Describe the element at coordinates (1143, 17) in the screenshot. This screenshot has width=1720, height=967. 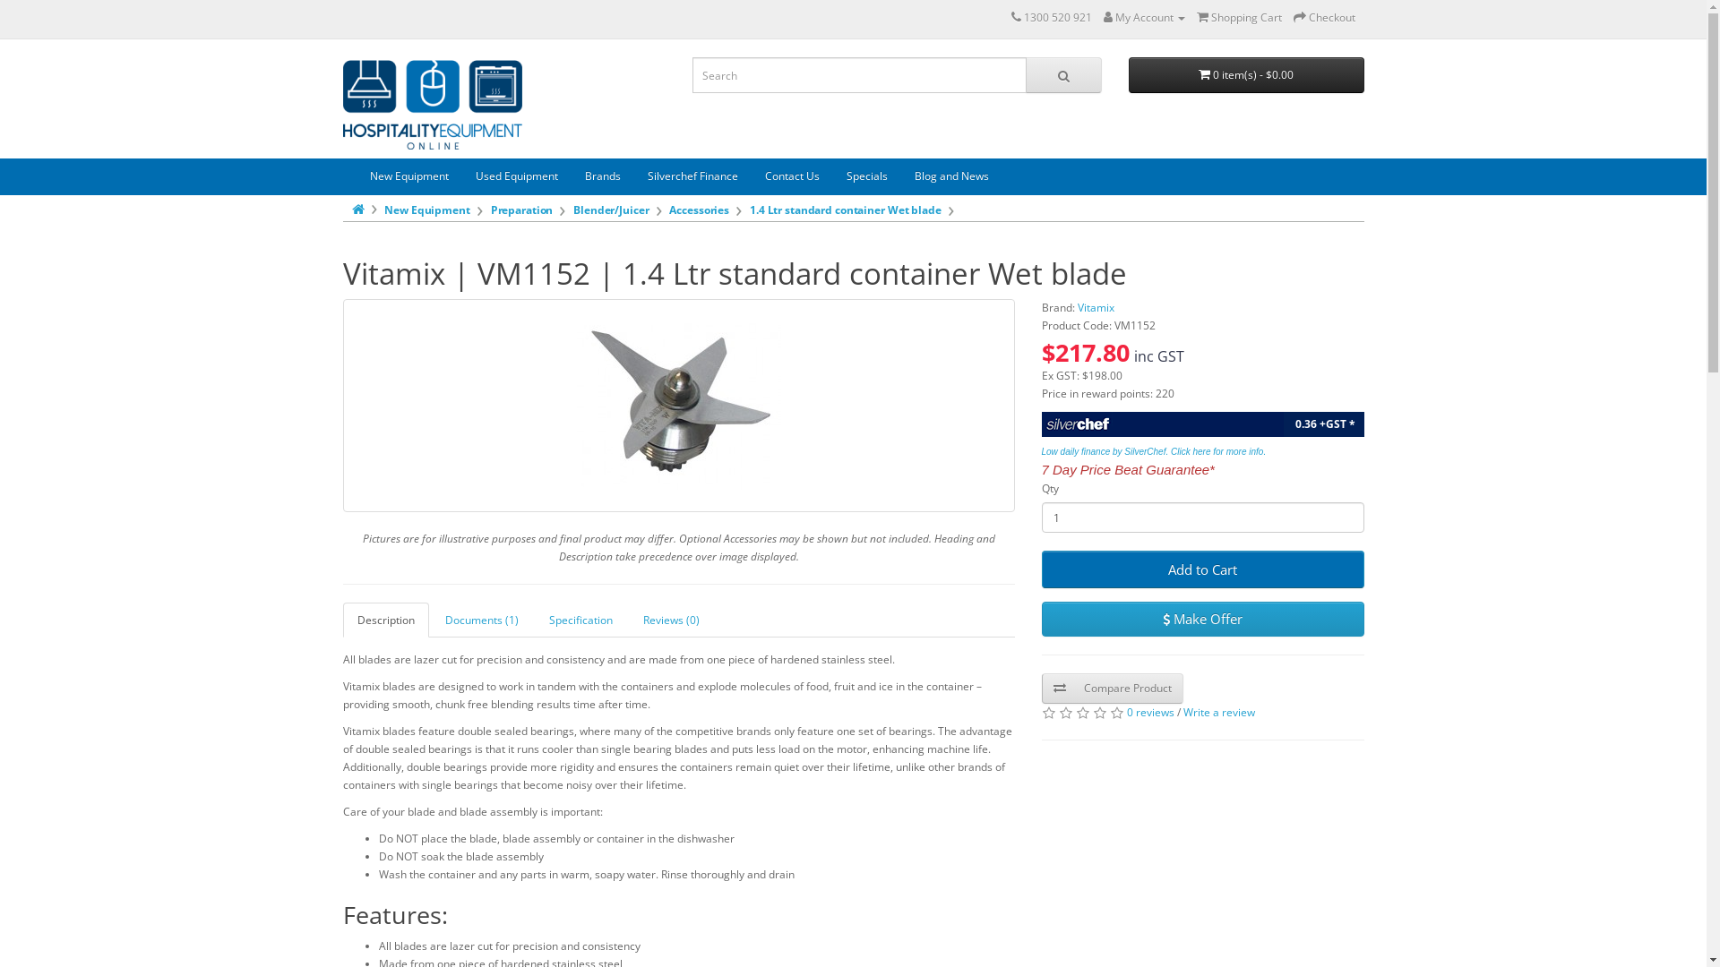
I see `'My Account'` at that location.